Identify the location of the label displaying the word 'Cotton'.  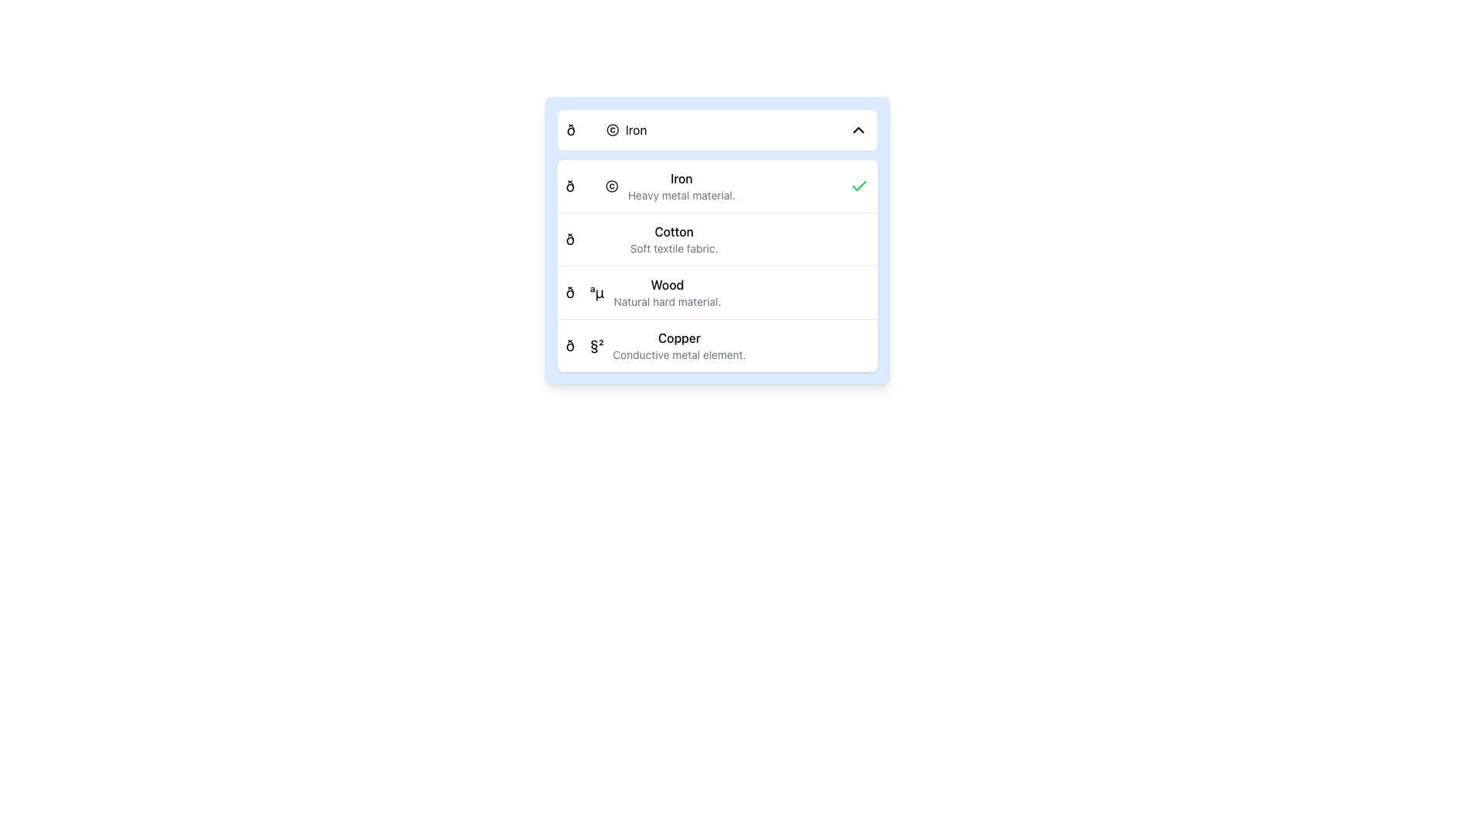
(674, 231).